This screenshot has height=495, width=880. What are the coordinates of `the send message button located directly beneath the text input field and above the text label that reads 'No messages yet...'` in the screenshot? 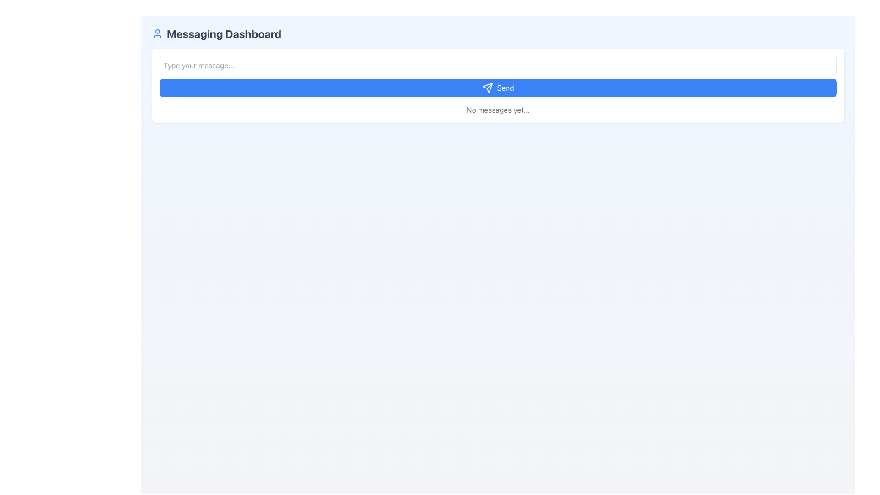 It's located at (497, 76).